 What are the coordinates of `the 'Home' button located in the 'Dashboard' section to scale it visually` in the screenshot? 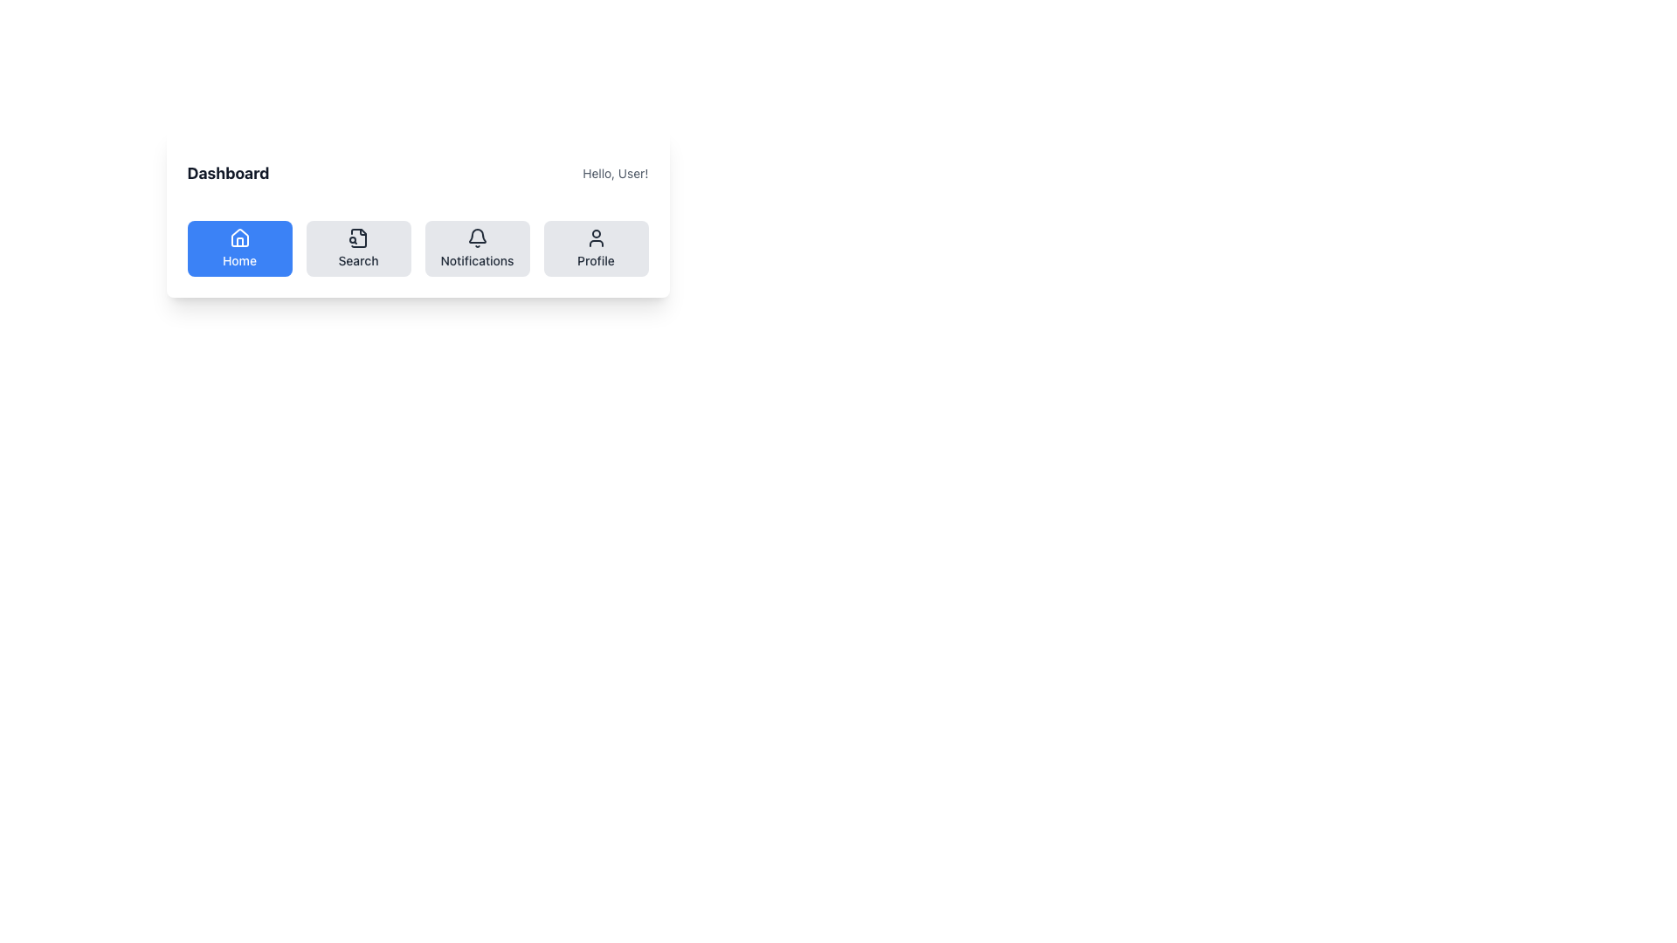 It's located at (238, 249).